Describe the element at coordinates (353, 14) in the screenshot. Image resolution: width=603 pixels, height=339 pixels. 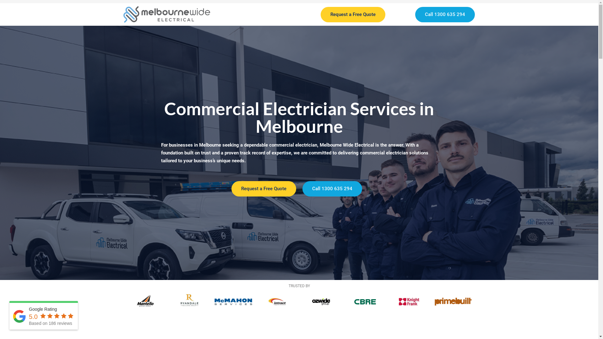
I see `'Request a Free Quote'` at that location.